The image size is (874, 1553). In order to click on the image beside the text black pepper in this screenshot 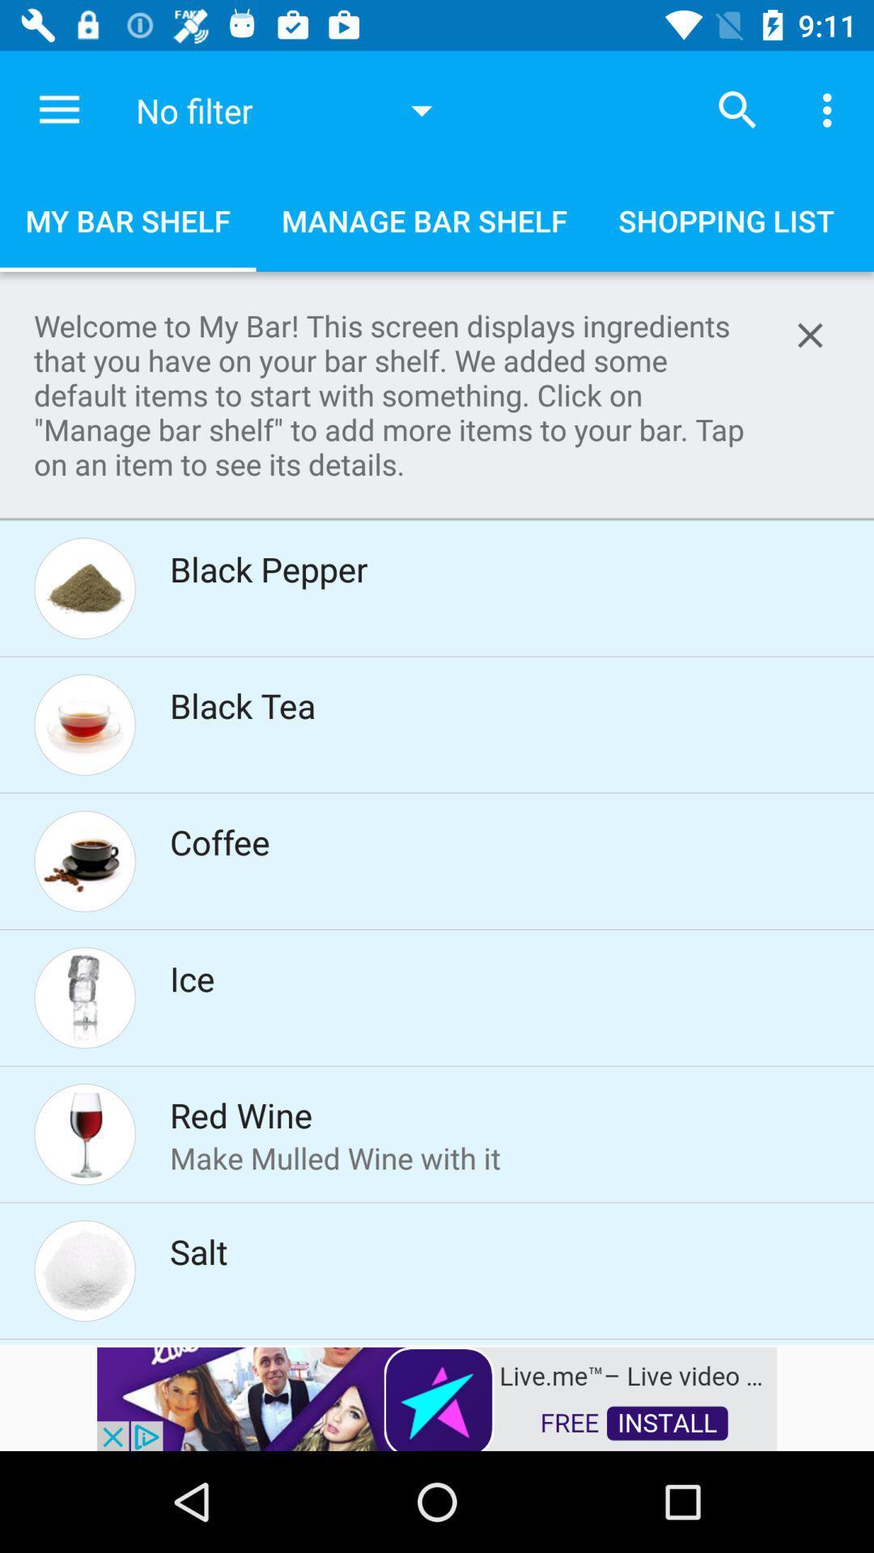, I will do `click(84, 588)`.